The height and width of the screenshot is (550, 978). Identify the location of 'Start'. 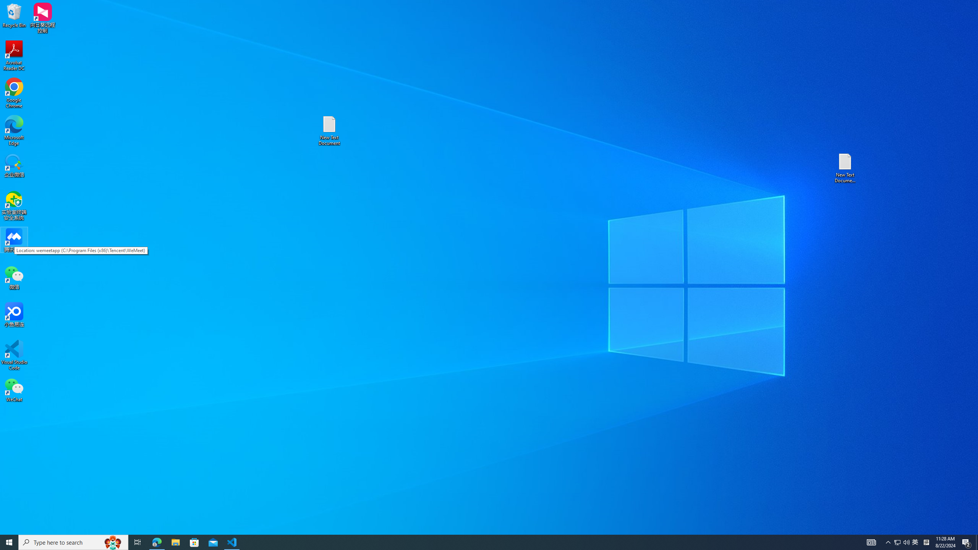
(9, 542).